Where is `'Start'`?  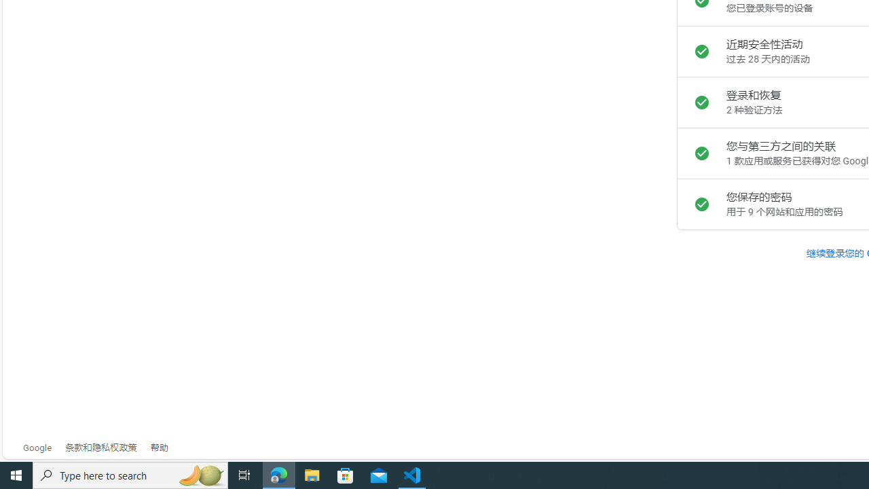 'Start' is located at coordinates (16, 474).